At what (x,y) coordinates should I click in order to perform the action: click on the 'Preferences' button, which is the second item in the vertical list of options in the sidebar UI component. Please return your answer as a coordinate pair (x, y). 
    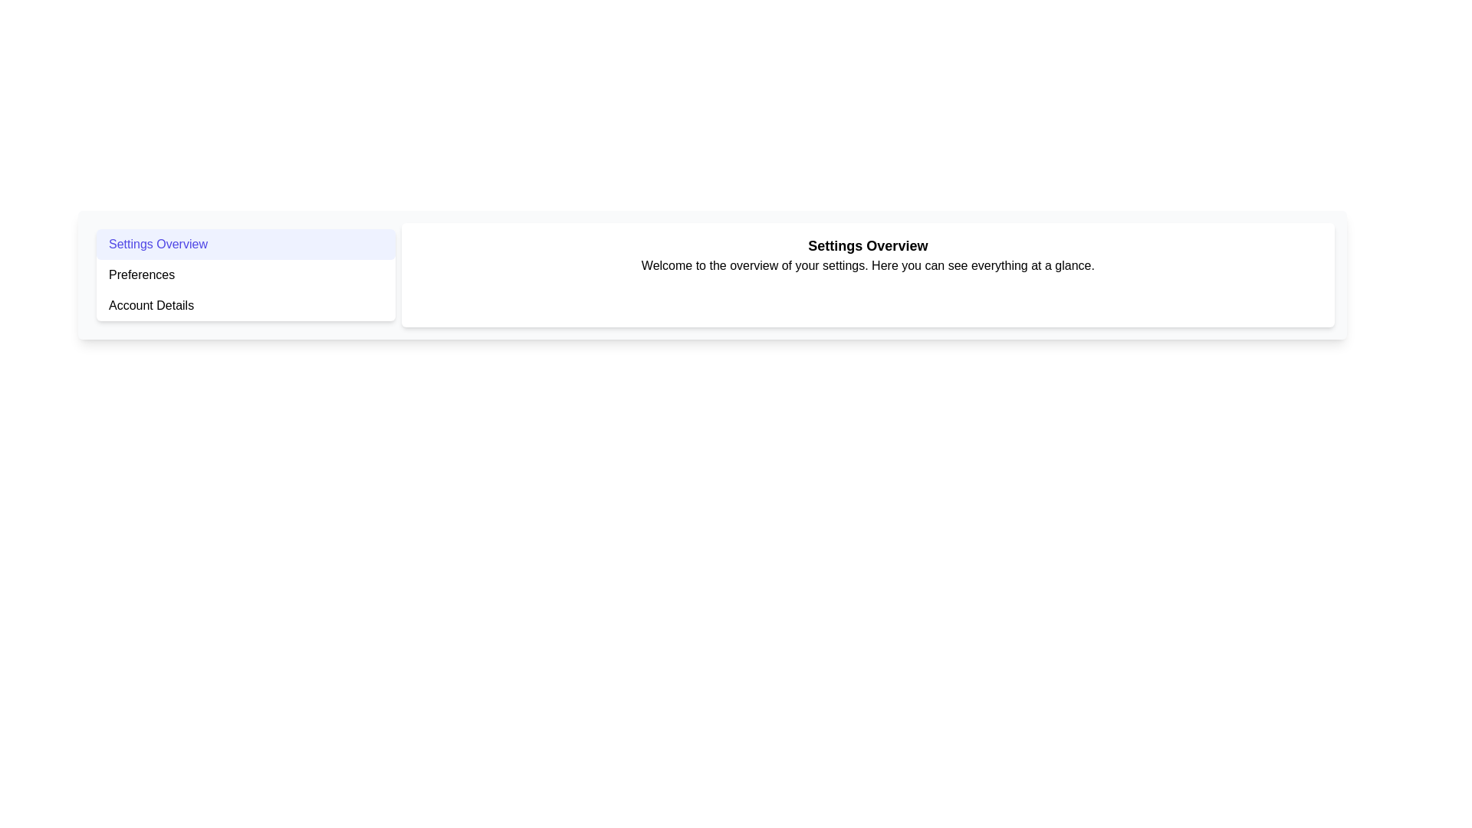
    Looking at the image, I should click on (245, 274).